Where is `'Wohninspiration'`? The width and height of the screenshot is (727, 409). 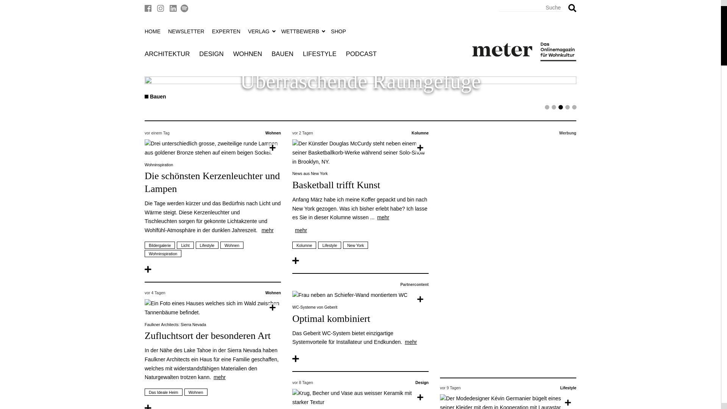
'Wohninspiration' is located at coordinates (145, 254).